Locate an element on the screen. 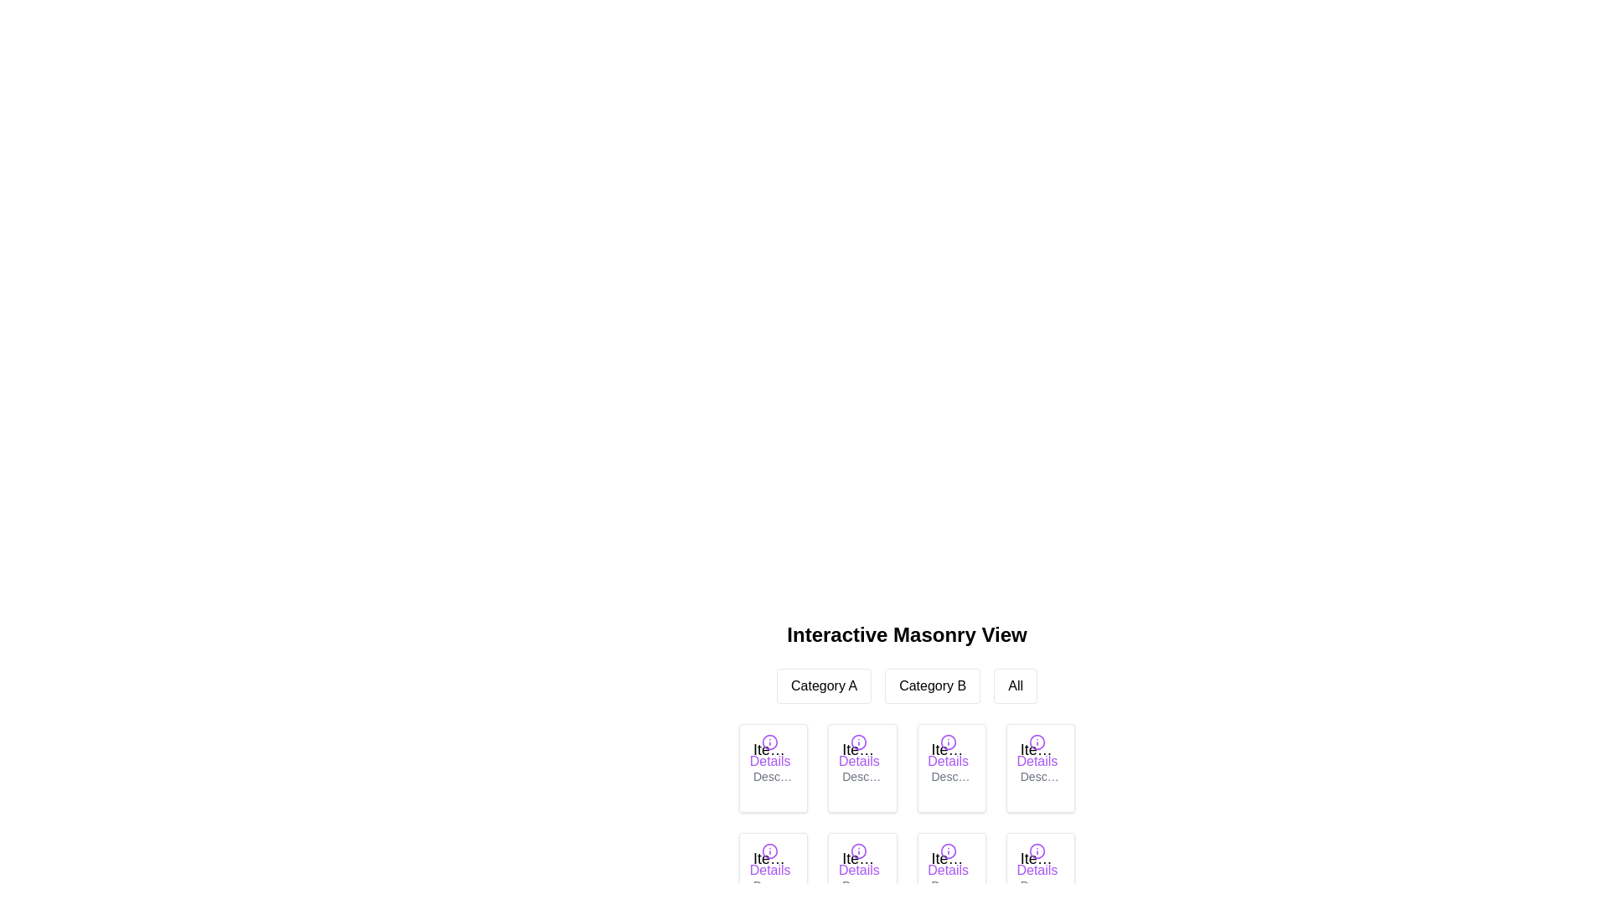  the first button among three sibling buttons located above the grid of items is located at coordinates (824, 685).